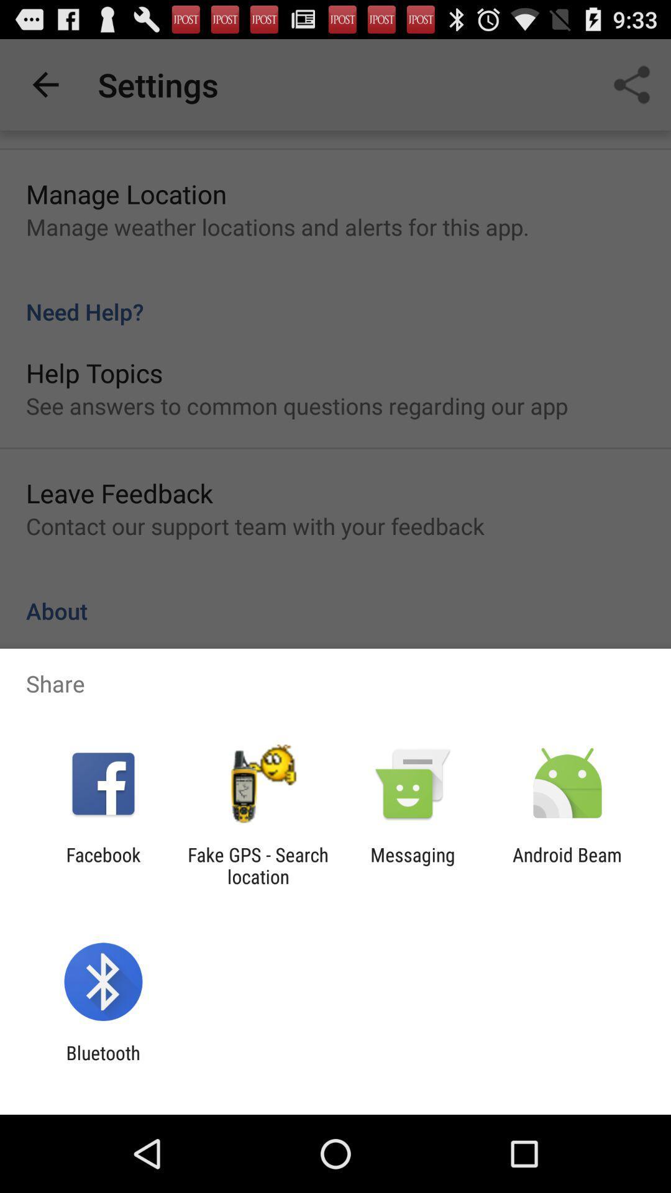  I want to click on the item next to the messaging icon, so click(257, 865).